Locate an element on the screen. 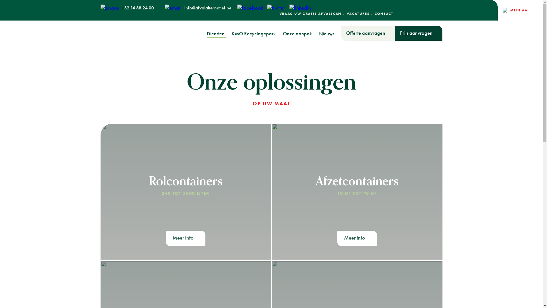 This screenshot has width=547, height=308. 'Onze aanpak' is located at coordinates (297, 33).